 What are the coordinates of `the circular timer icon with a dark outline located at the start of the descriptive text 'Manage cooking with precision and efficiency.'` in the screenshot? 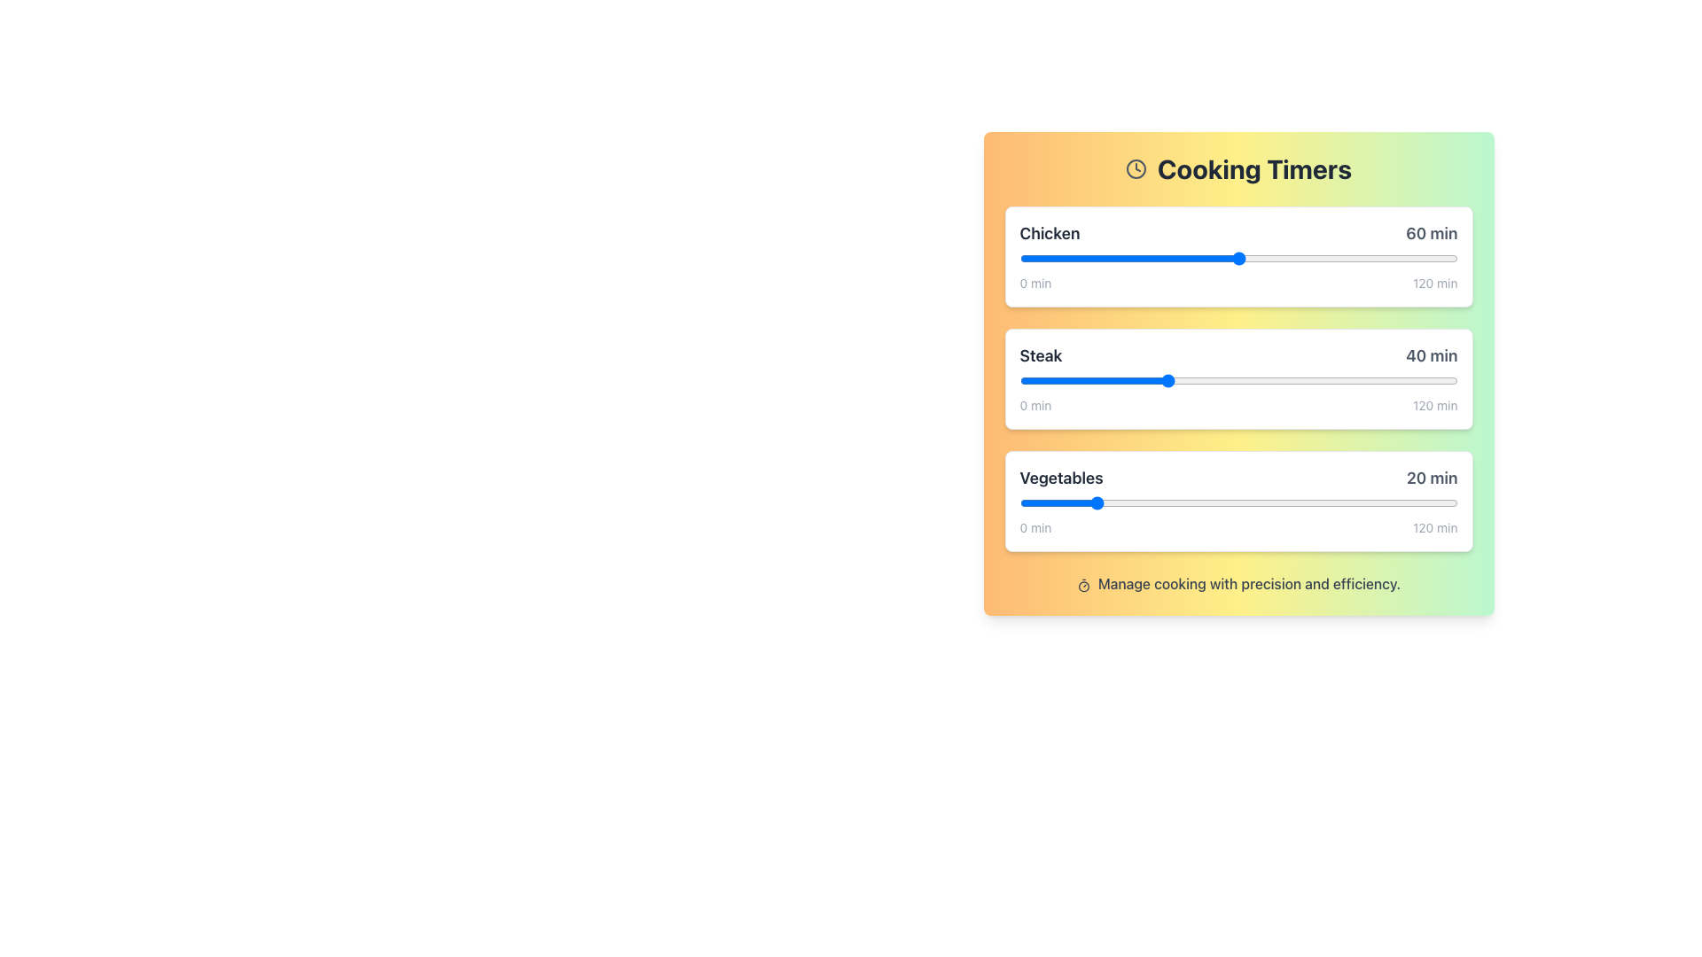 It's located at (1082, 585).